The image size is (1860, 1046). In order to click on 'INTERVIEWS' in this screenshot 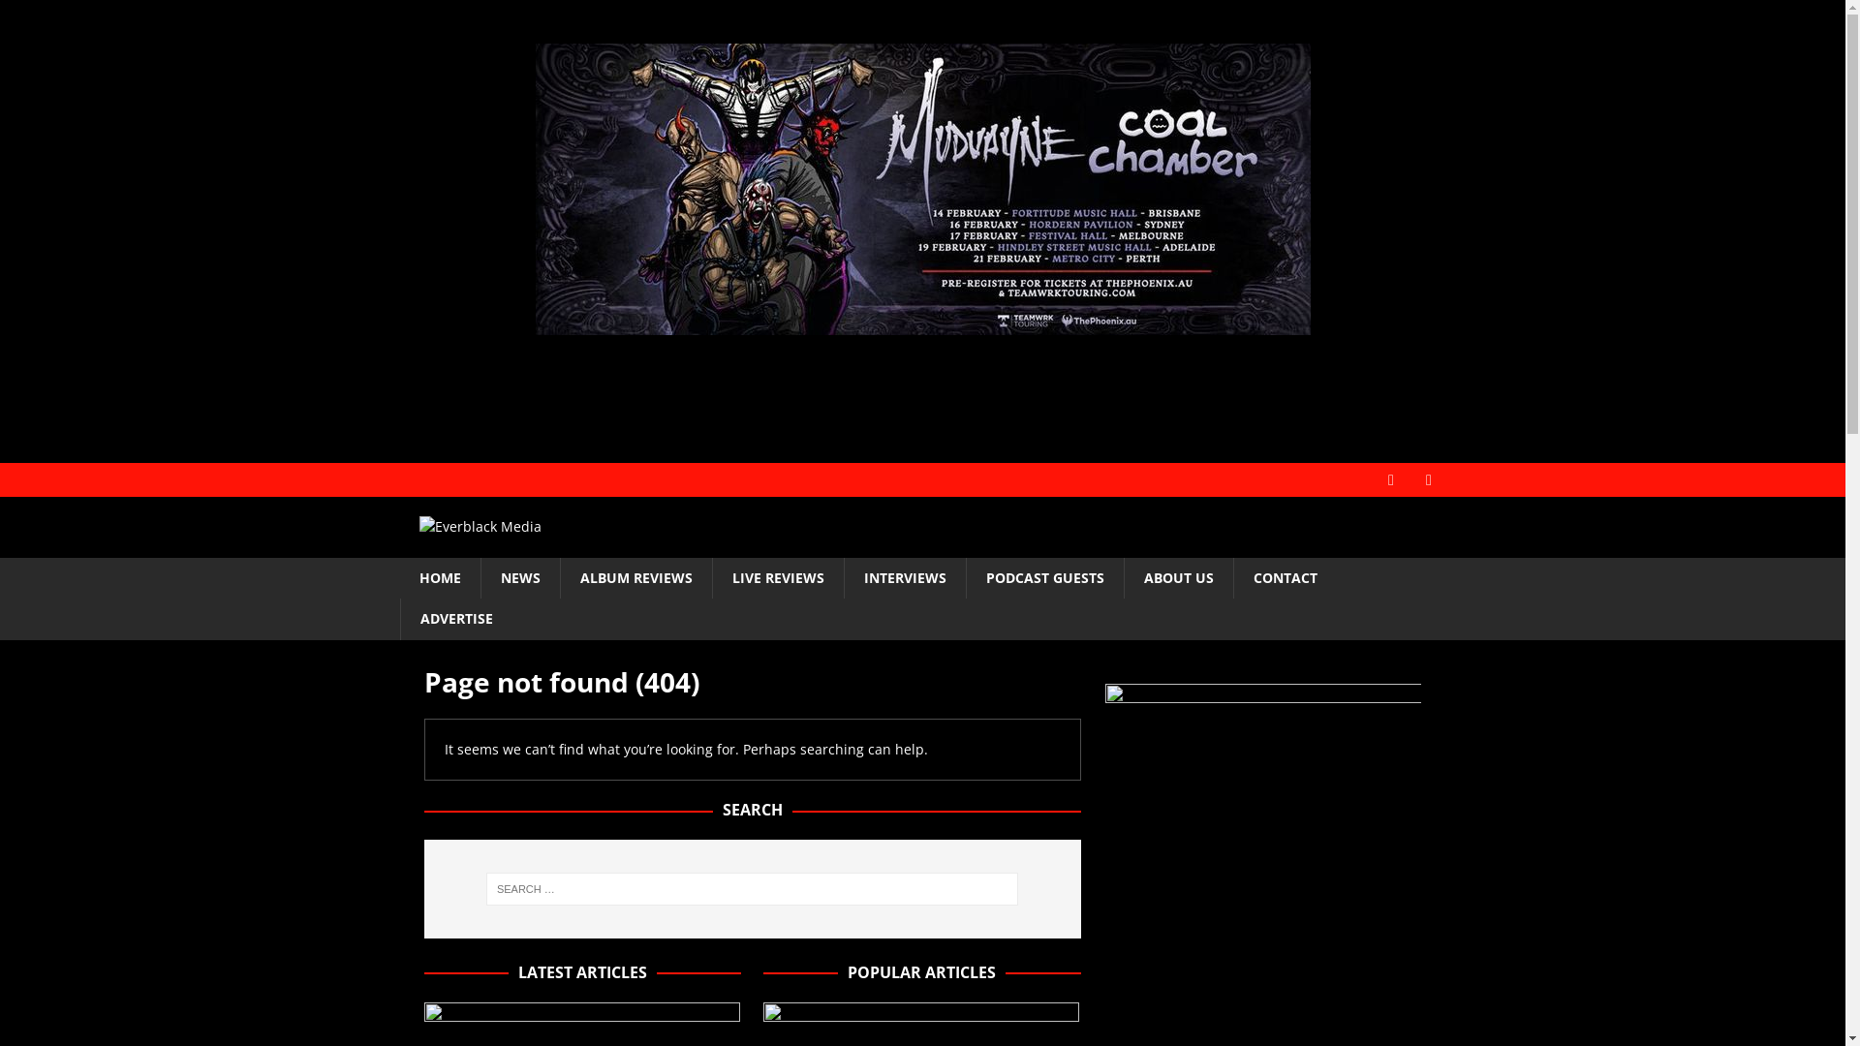, I will do `click(902, 577)`.